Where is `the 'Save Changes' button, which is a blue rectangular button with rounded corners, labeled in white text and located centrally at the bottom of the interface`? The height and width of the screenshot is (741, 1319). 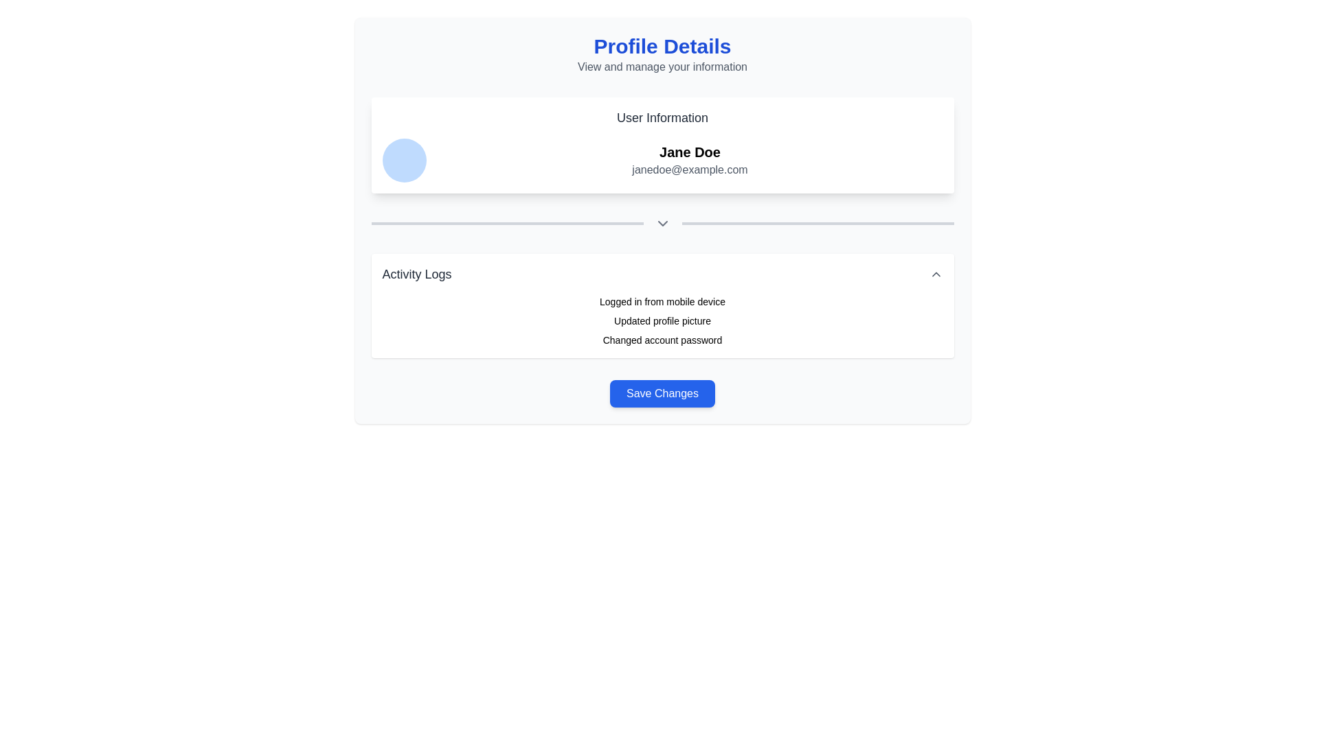
the 'Save Changes' button, which is a blue rectangular button with rounded corners, labeled in white text and located centrally at the bottom of the interface is located at coordinates (662, 394).